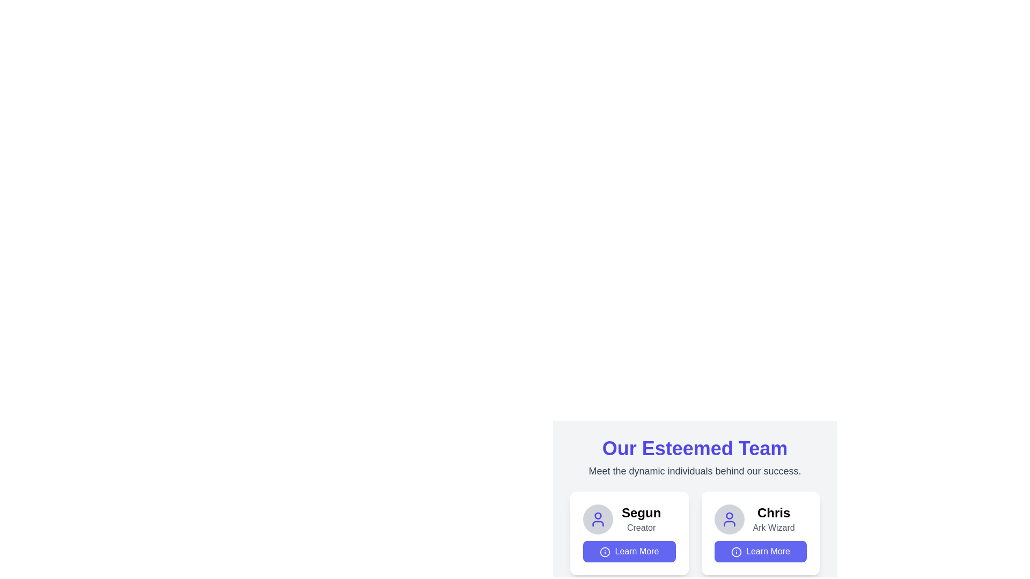 The image size is (1030, 579). What do you see at coordinates (597, 518) in the screenshot?
I see `the Avatar icon with a gray background and a blue user silhouette symbol, located in the profile card of 'Segun' in the 'Our Esteemed Team' section` at bounding box center [597, 518].